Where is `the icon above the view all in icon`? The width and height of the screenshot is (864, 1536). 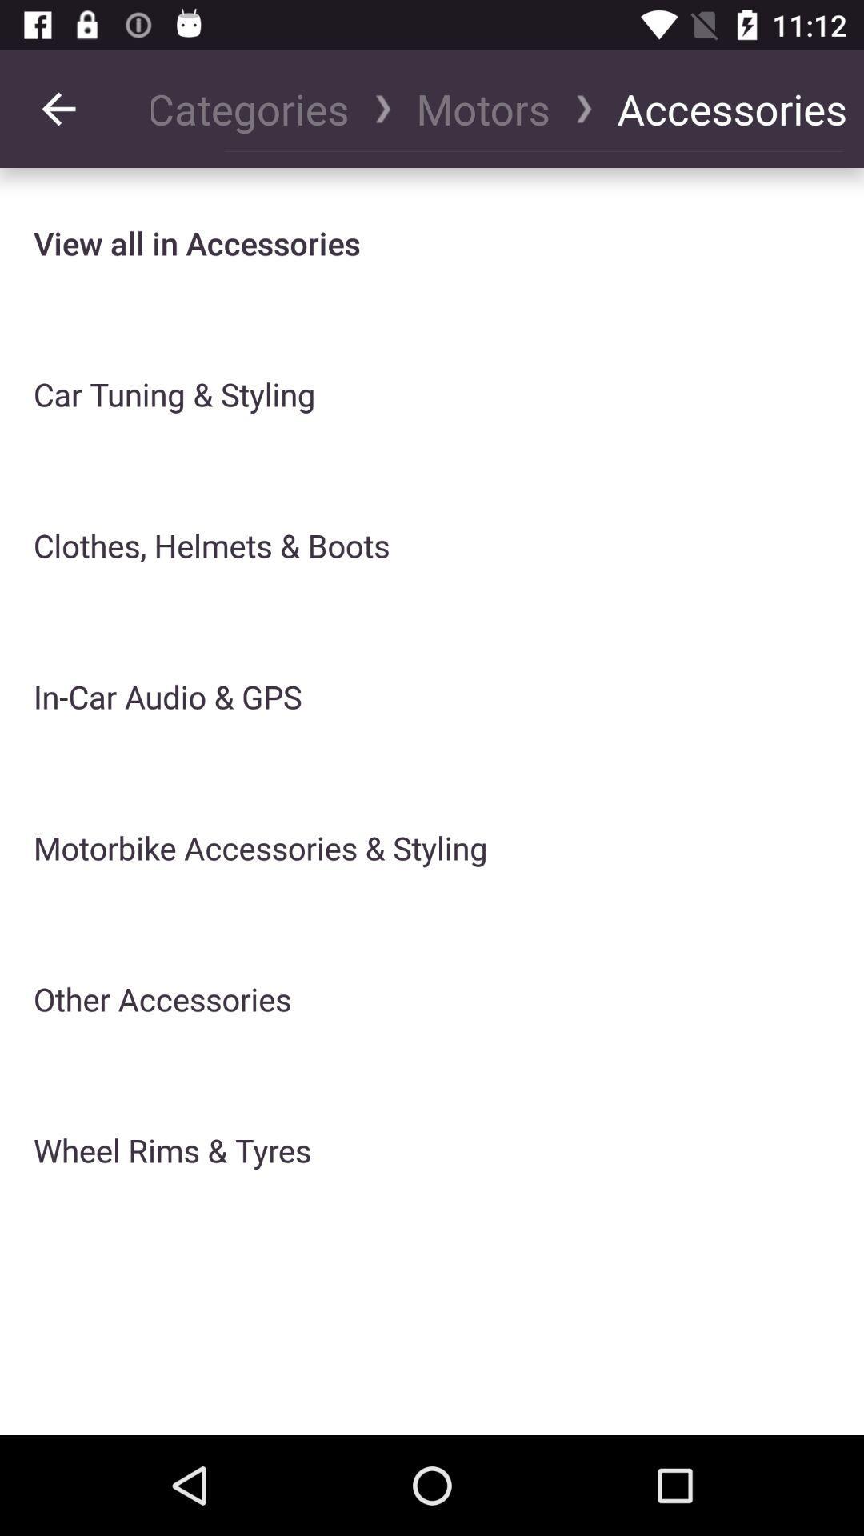 the icon above the view all in icon is located at coordinates (258, 108).